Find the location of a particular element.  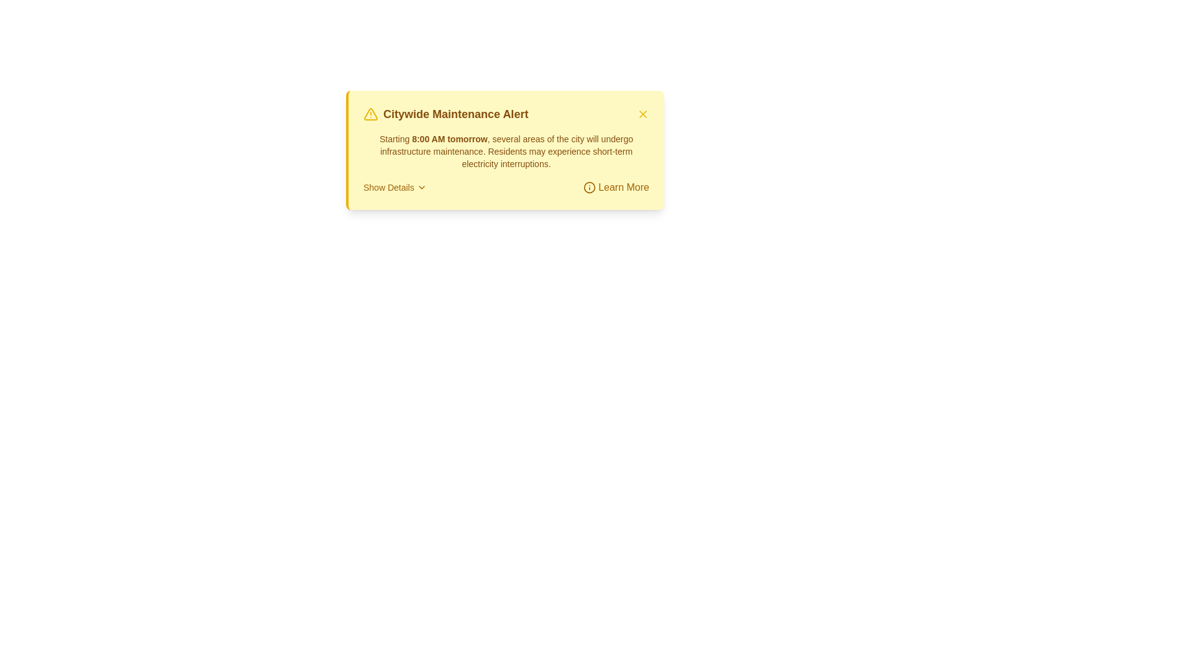

the 'Citywide Maintenance Alert' text label, which is styled in bold yellow font and located in the top-left area of the warning message box, adjacent to the alert icon is located at coordinates (446, 114).